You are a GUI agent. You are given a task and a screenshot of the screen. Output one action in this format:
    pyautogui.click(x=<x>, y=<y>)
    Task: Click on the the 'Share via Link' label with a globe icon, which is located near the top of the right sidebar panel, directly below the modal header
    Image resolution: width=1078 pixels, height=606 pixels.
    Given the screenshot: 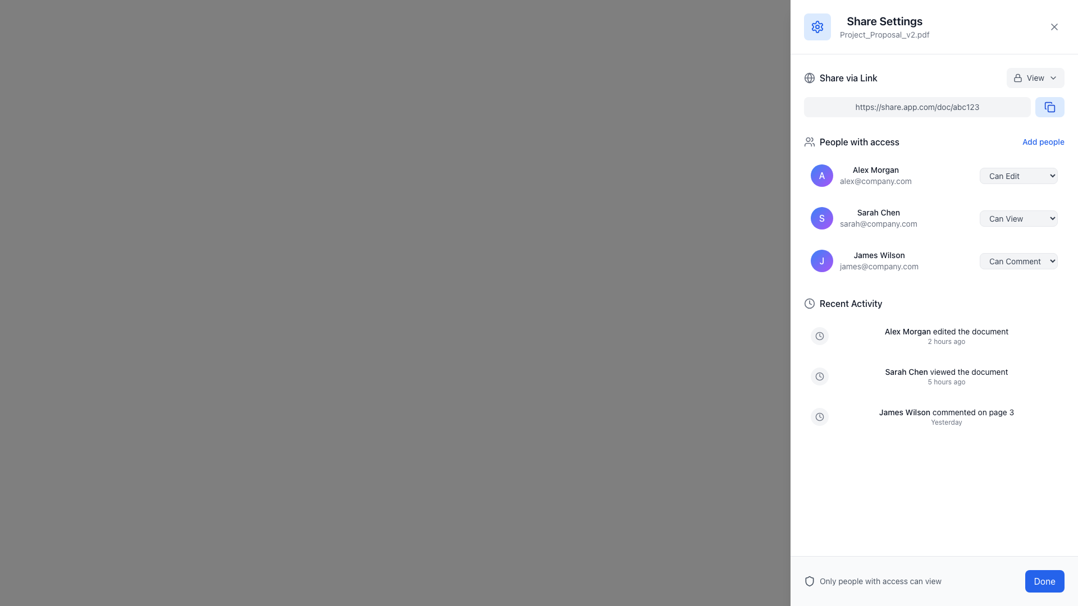 What is the action you would take?
    pyautogui.click(x=841, y=77)
    